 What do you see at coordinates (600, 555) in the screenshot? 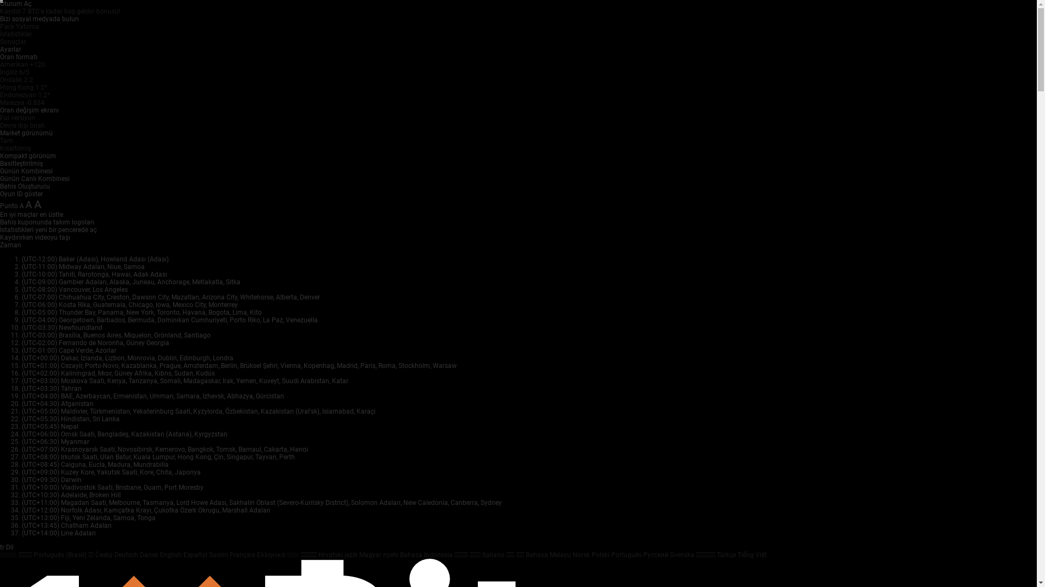
I see `'Polski'` at bounding box center [600, 555].